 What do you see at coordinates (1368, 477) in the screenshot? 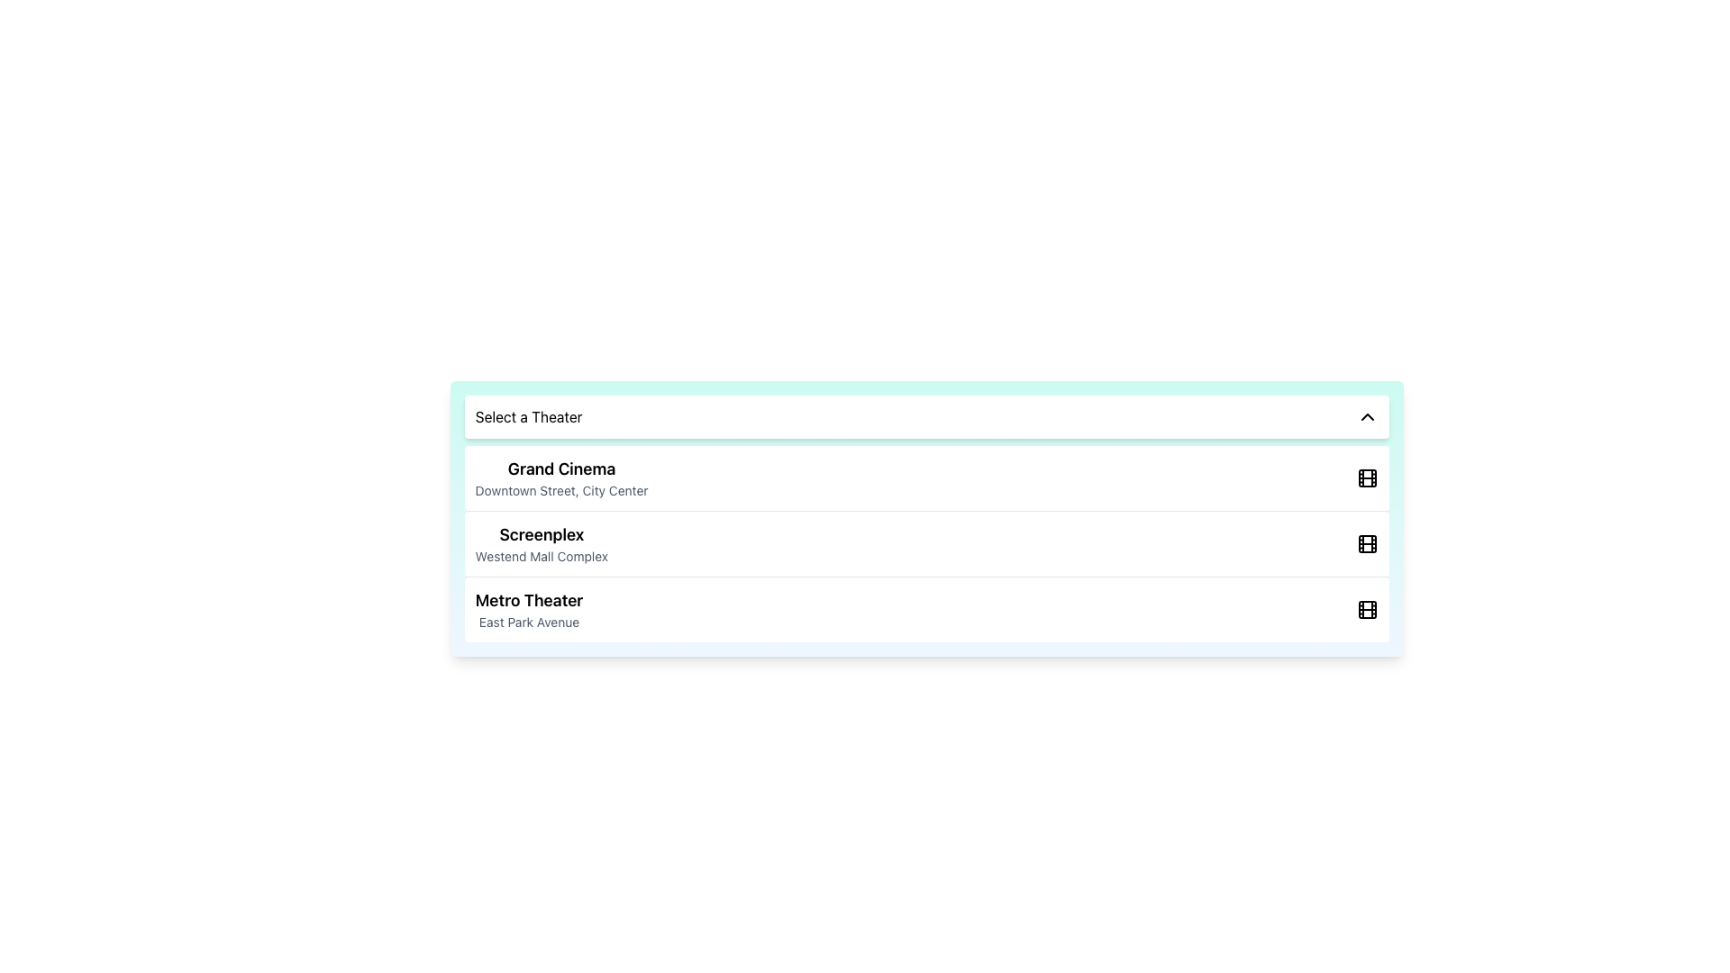
I see `the icon representing 'Grand Cinema' located in the top-right corner of its row` at bounding box center [1368, 477].